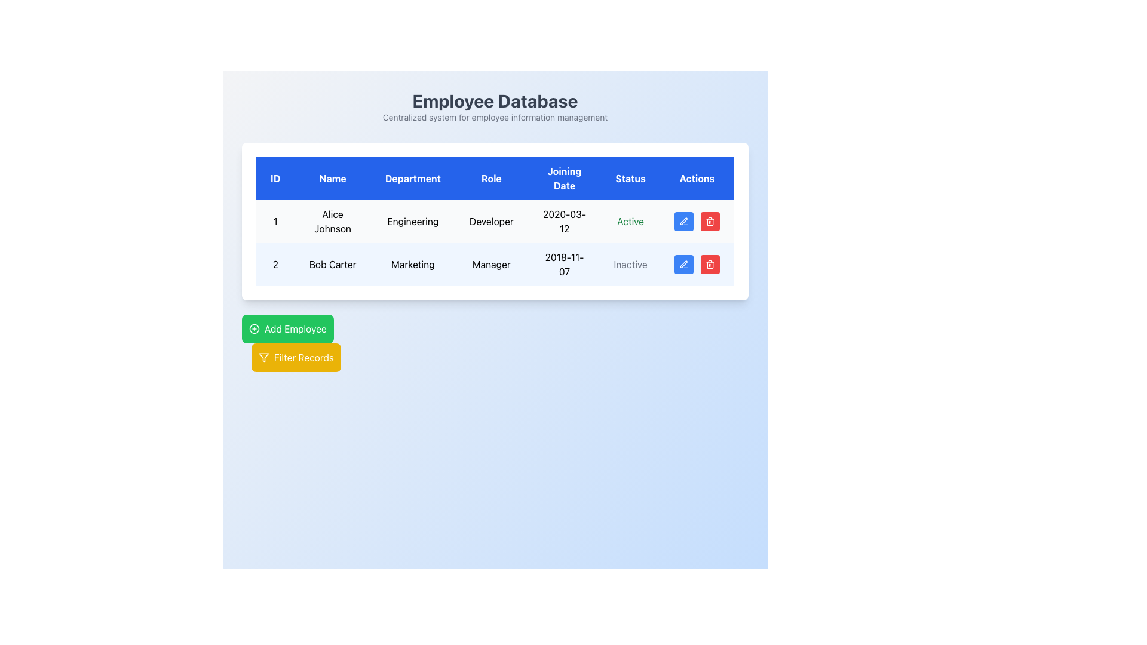 This screenshot has width=1147, height=645. What do you see at coordinates (495, 100) in the screenshot?
I see `the Text Label that serves as the title for the interface, positioned above the sibling element containing 'Centralized system for employee information management'` at bounding box center [495, 100].